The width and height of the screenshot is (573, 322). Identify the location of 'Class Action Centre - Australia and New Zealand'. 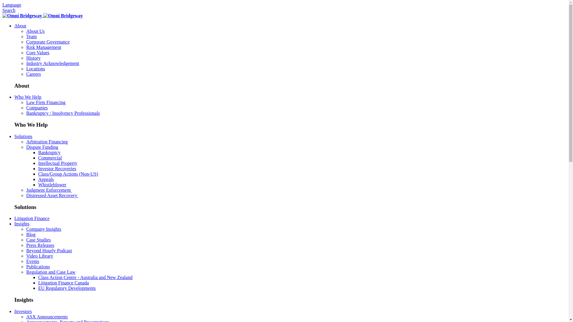
(85, 277).